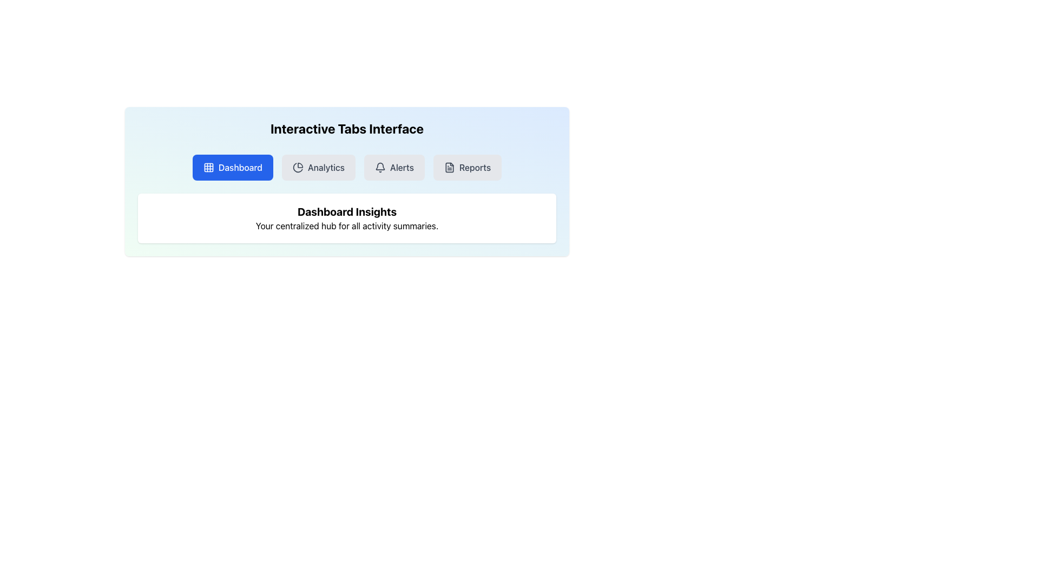 The height and width of the screenshot is (584, 1039). I want to click on the decorative icon representing the dashboard located to the immediate left of the 'Dashboard' text at the top left part of the interface, so click(208, 167).